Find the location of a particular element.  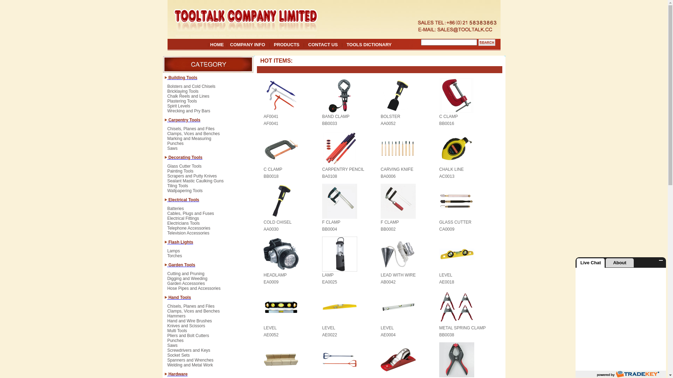

'Garden Accessories' is located at coordinates (186, 286).